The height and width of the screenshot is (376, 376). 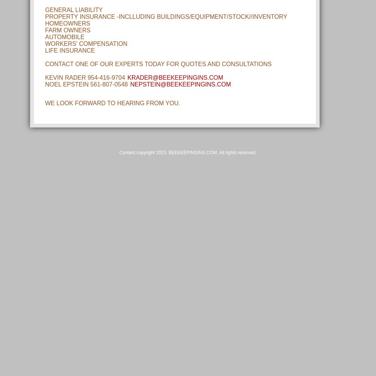 What do you see at coordinates (158, 64) in the screenshot?
I see `'CONTACT ONE OF OUR EXPERTS TODAY FOR QUOTES AND CONSULTATIONS'` at bounding box center [158, 64].